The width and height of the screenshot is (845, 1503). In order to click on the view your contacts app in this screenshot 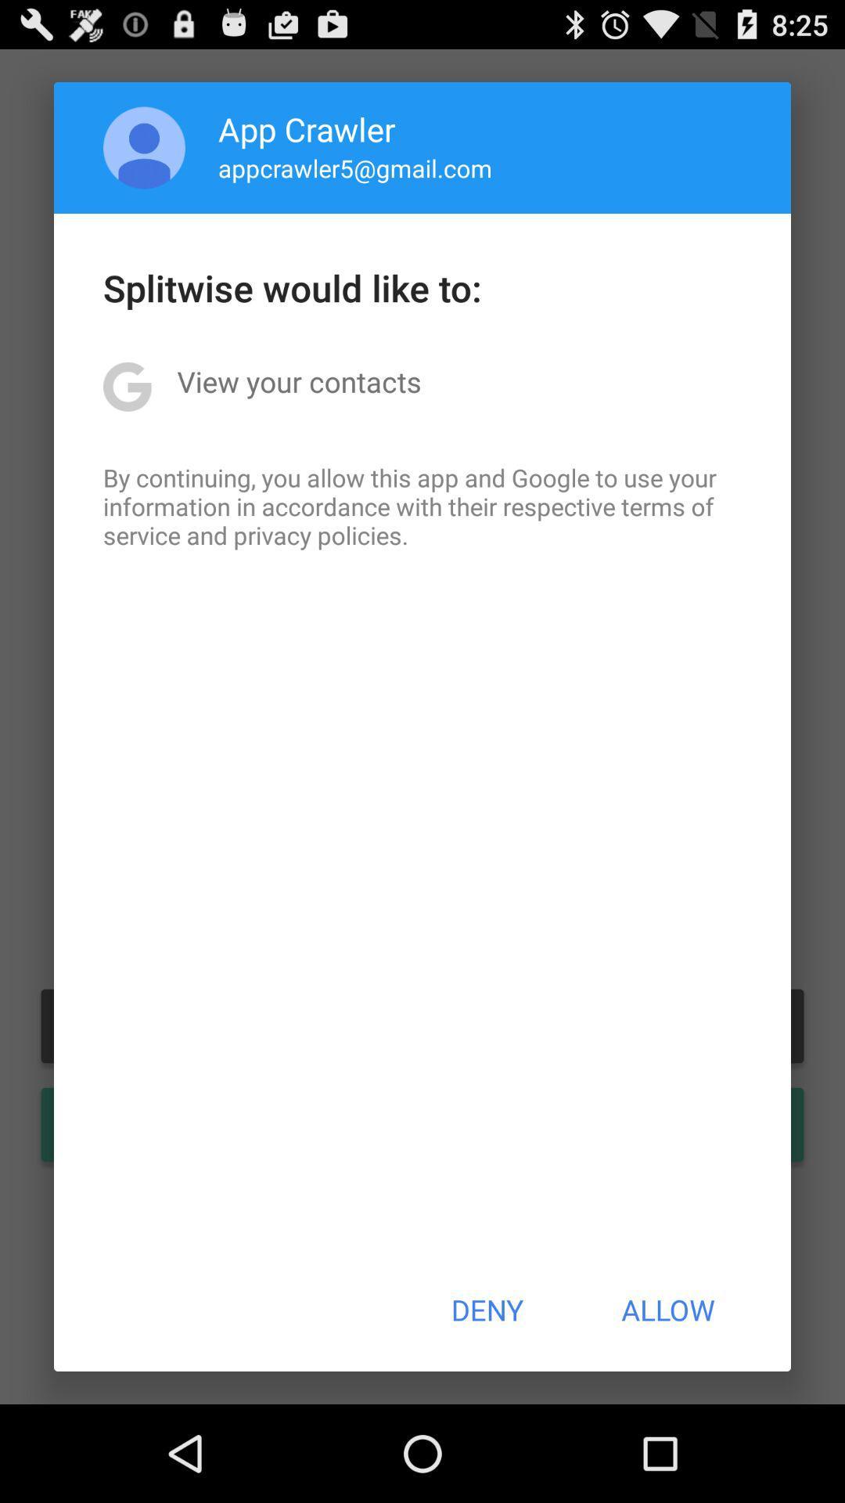, I will do `click(299, 381)`.